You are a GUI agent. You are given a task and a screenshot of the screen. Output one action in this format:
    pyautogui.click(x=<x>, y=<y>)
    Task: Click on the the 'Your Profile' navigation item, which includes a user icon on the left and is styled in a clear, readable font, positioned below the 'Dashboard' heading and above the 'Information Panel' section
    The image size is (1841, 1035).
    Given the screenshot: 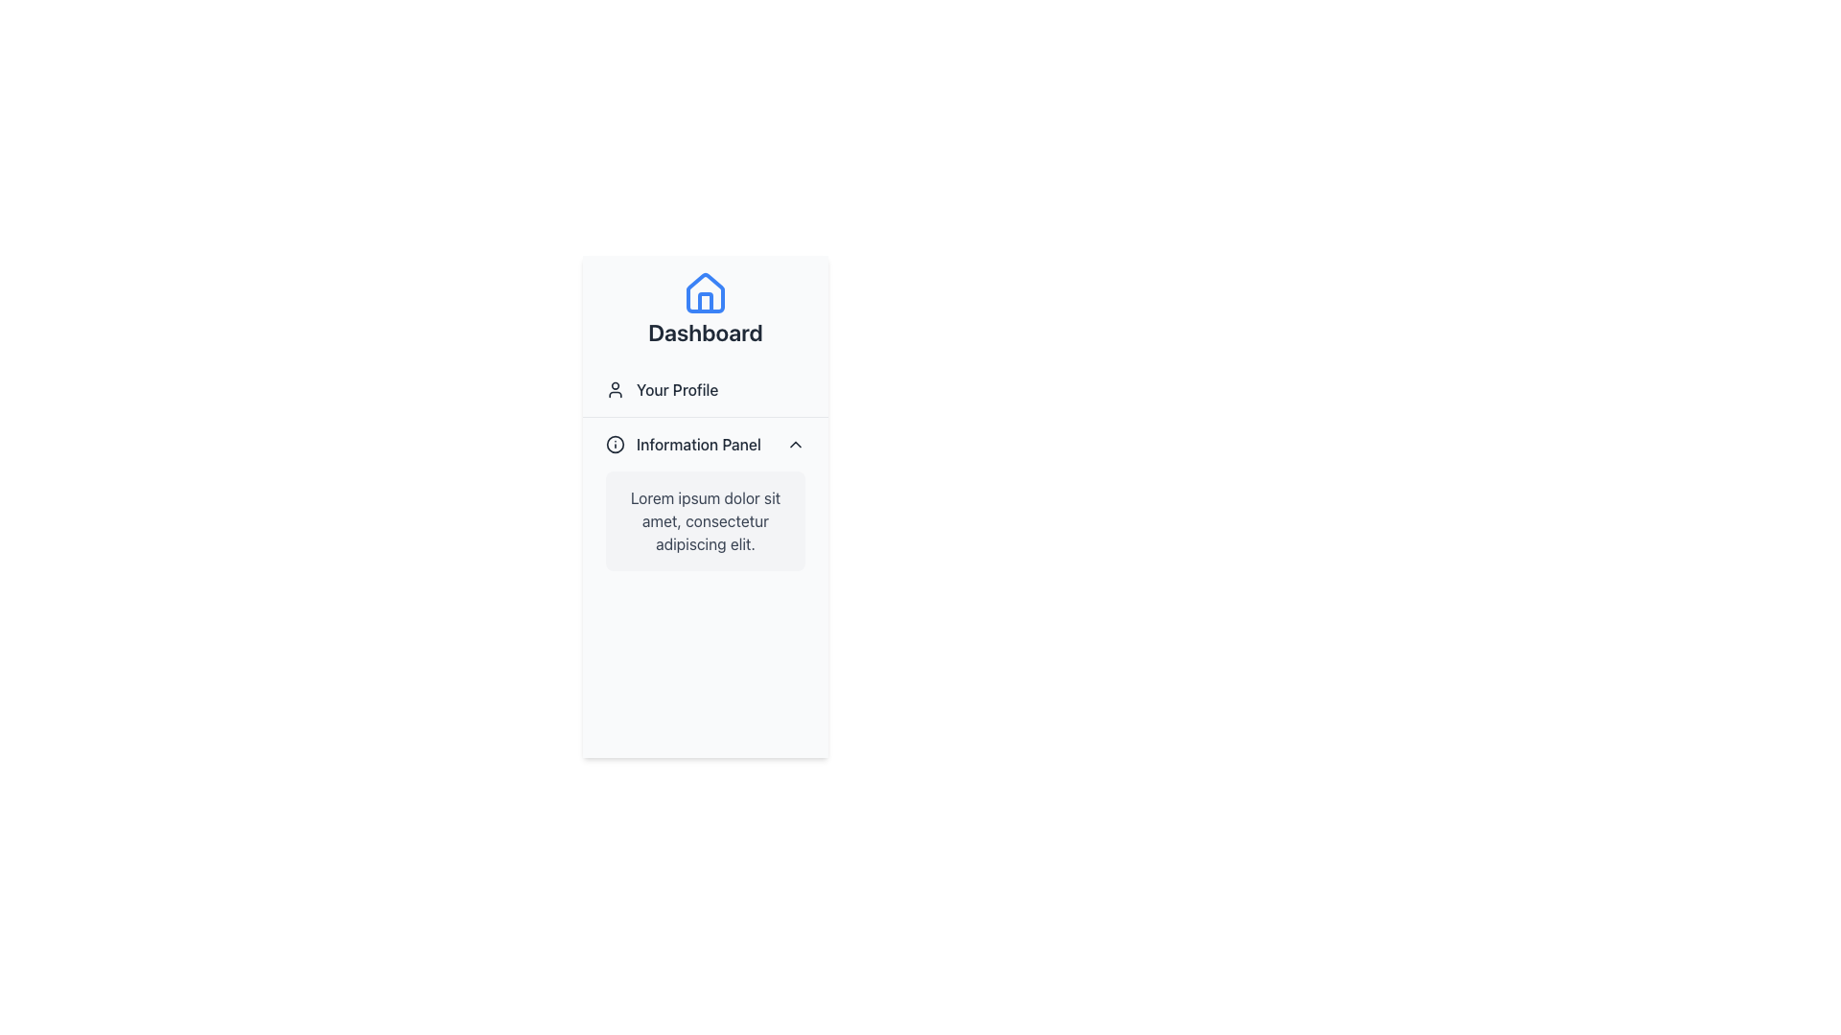 What is the action you would take?
    pyautogui.click(x=704, y=389)
    